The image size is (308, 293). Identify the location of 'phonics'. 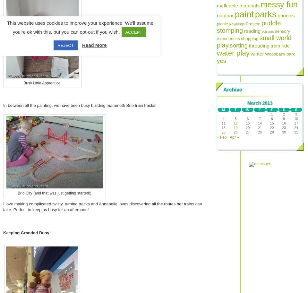
(286, 15).